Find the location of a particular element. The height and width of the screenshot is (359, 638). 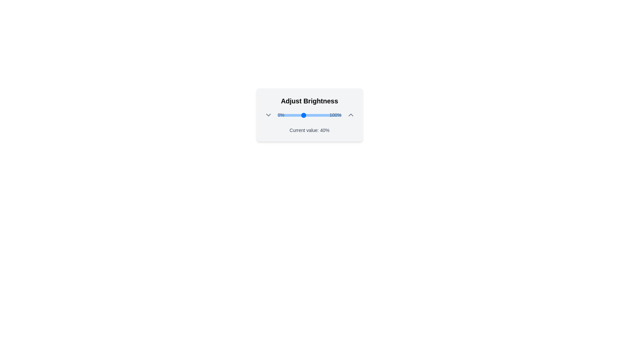

brightness level is located at coordinates (305, 115).